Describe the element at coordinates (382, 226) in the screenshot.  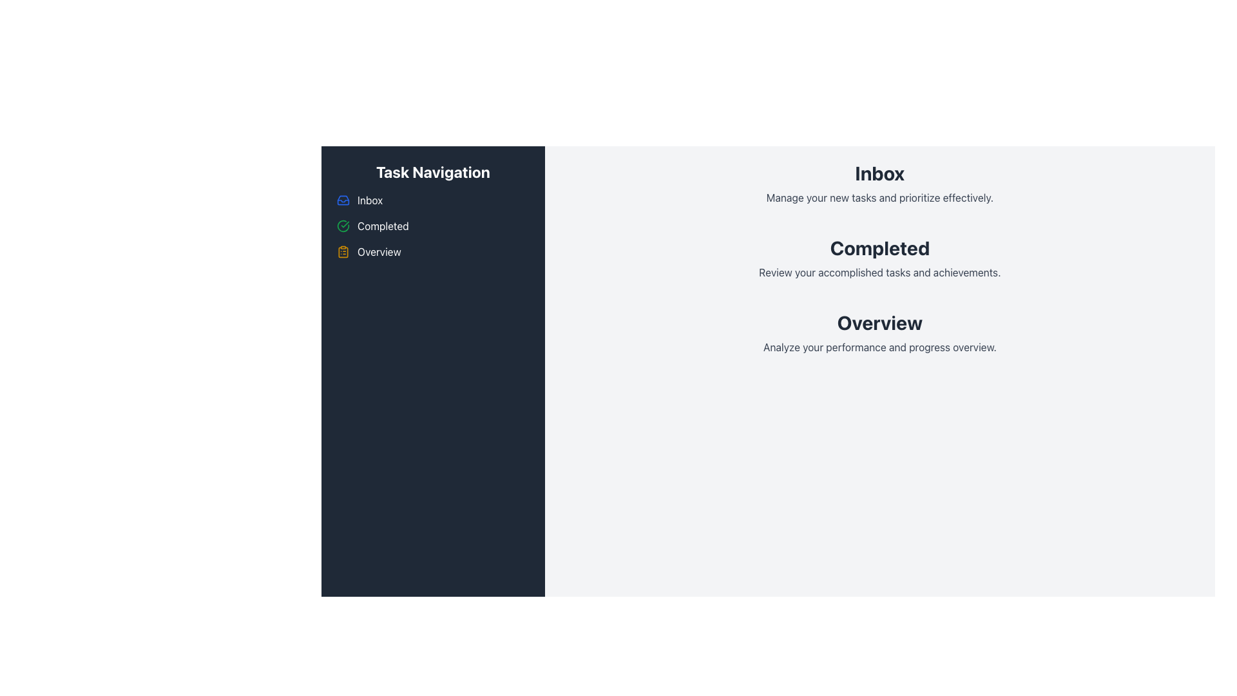
I see `the 'Completed' interactive link located in the left navigation bar, which is styled with a hover effect and positioned between 'Inbox' and 'Overview'` at that location.